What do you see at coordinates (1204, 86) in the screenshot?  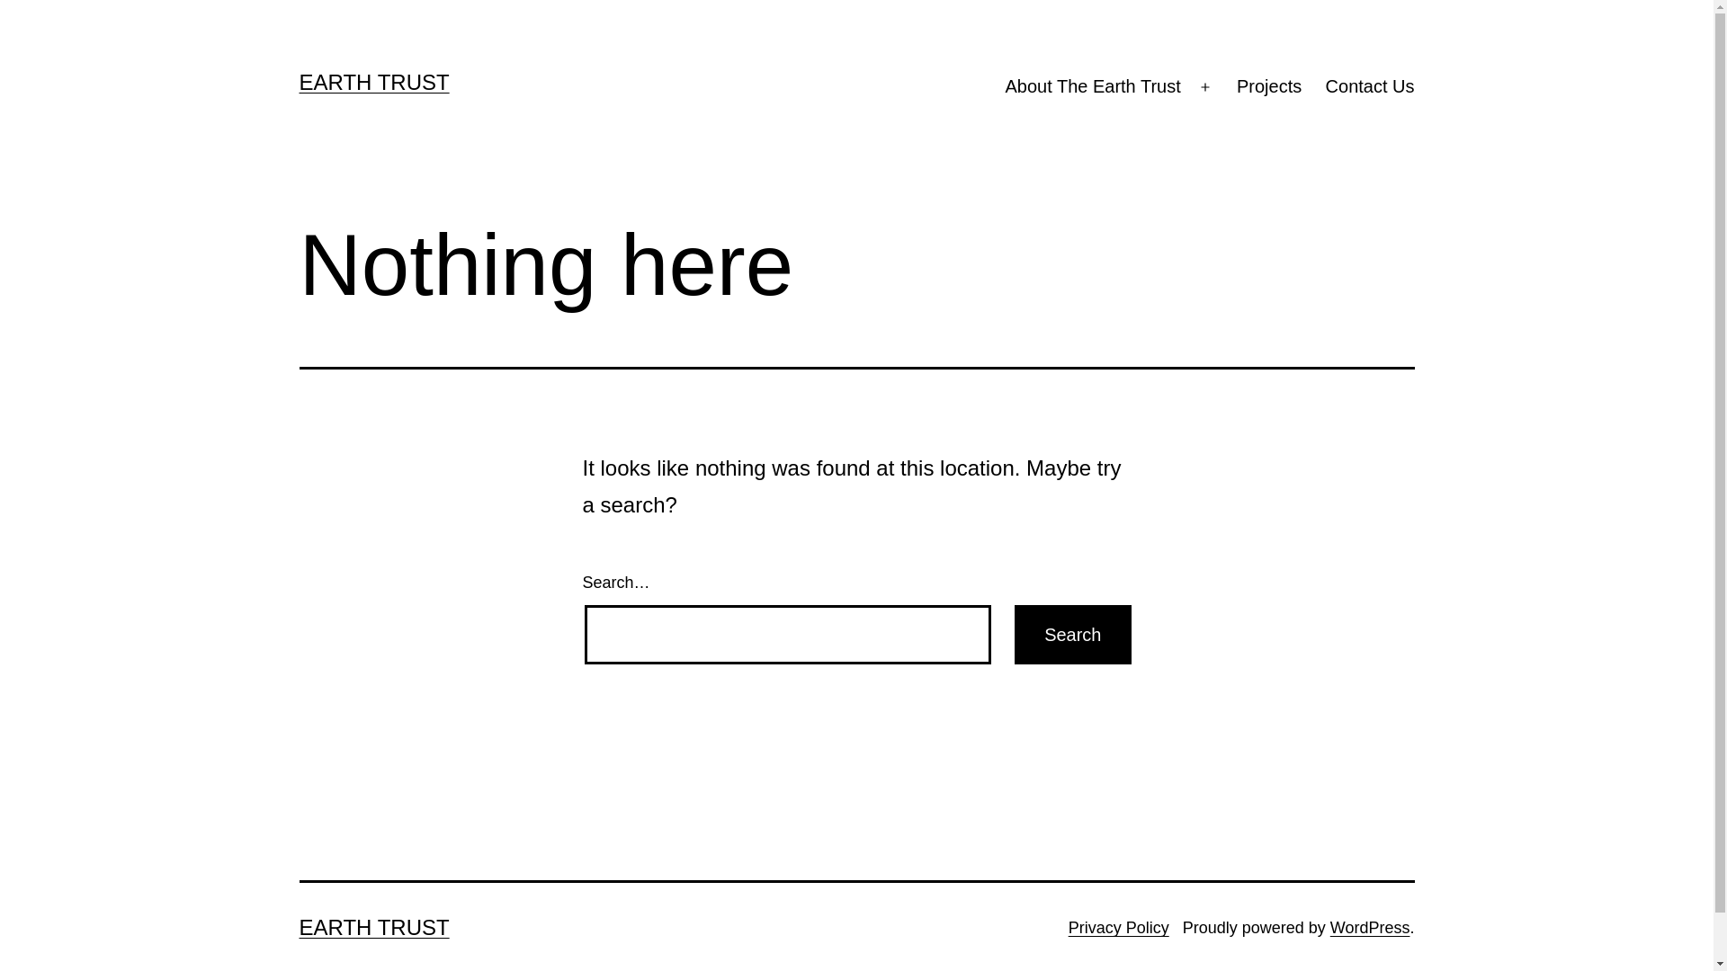 I see `'Open menu'` at bounding box center [1204, 86].